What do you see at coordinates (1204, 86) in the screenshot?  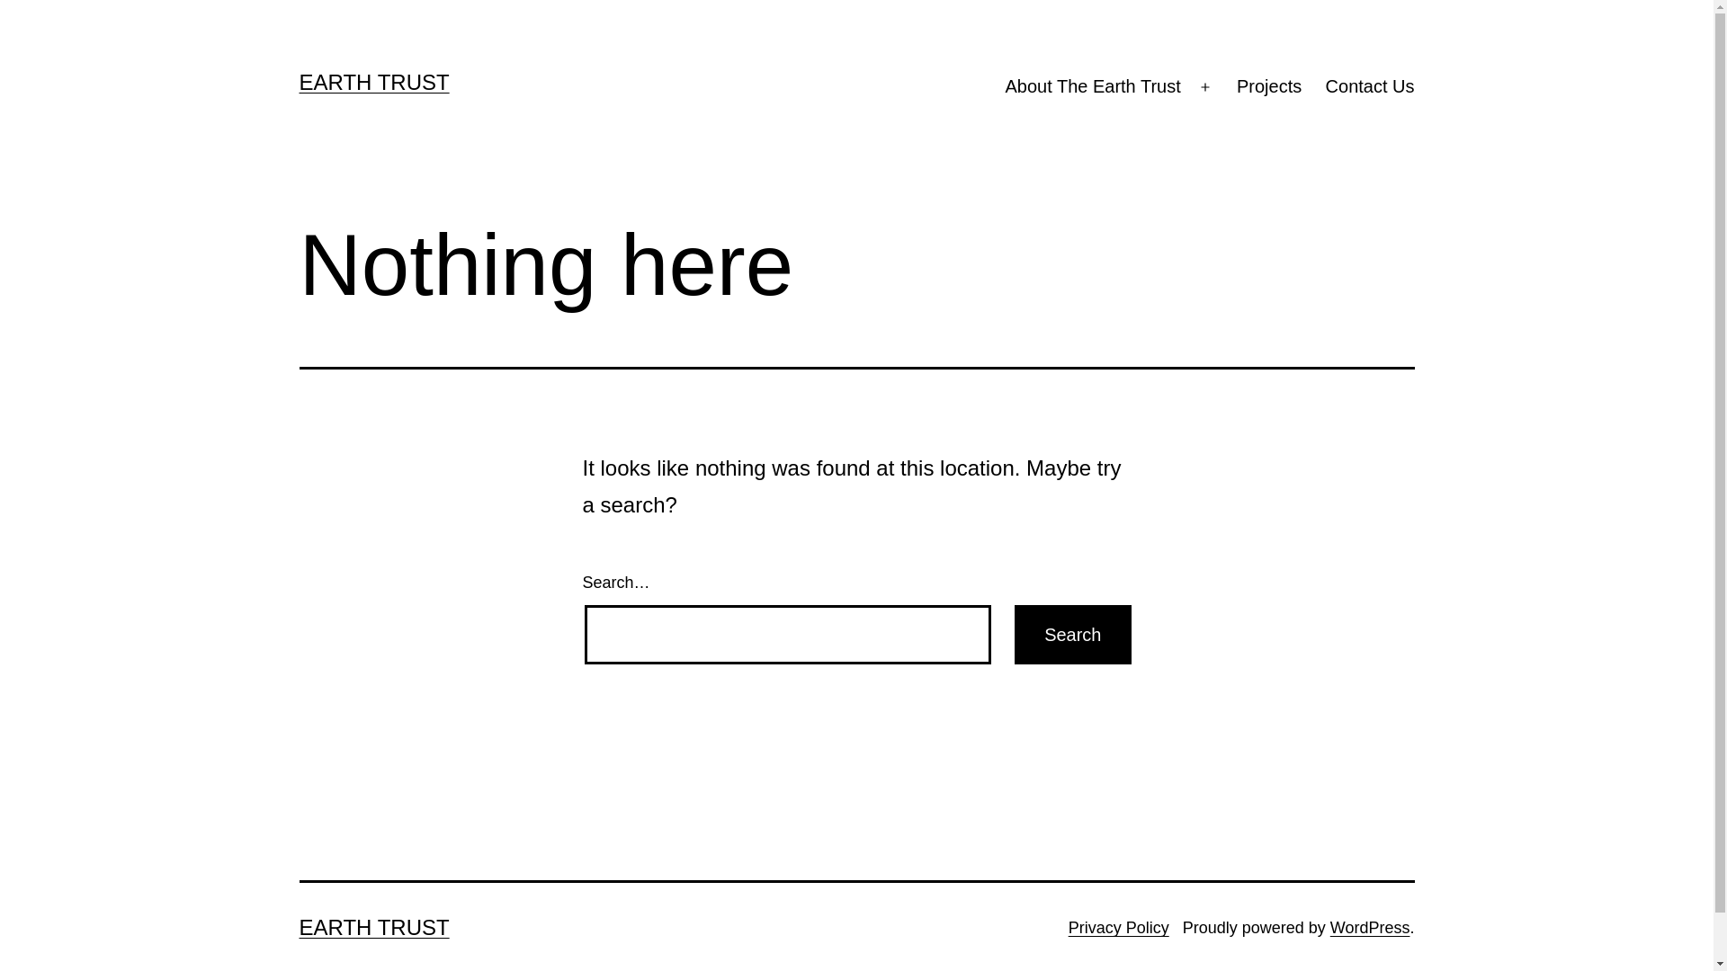 I see `'Open menu'` at bounding box center [1204, 86].